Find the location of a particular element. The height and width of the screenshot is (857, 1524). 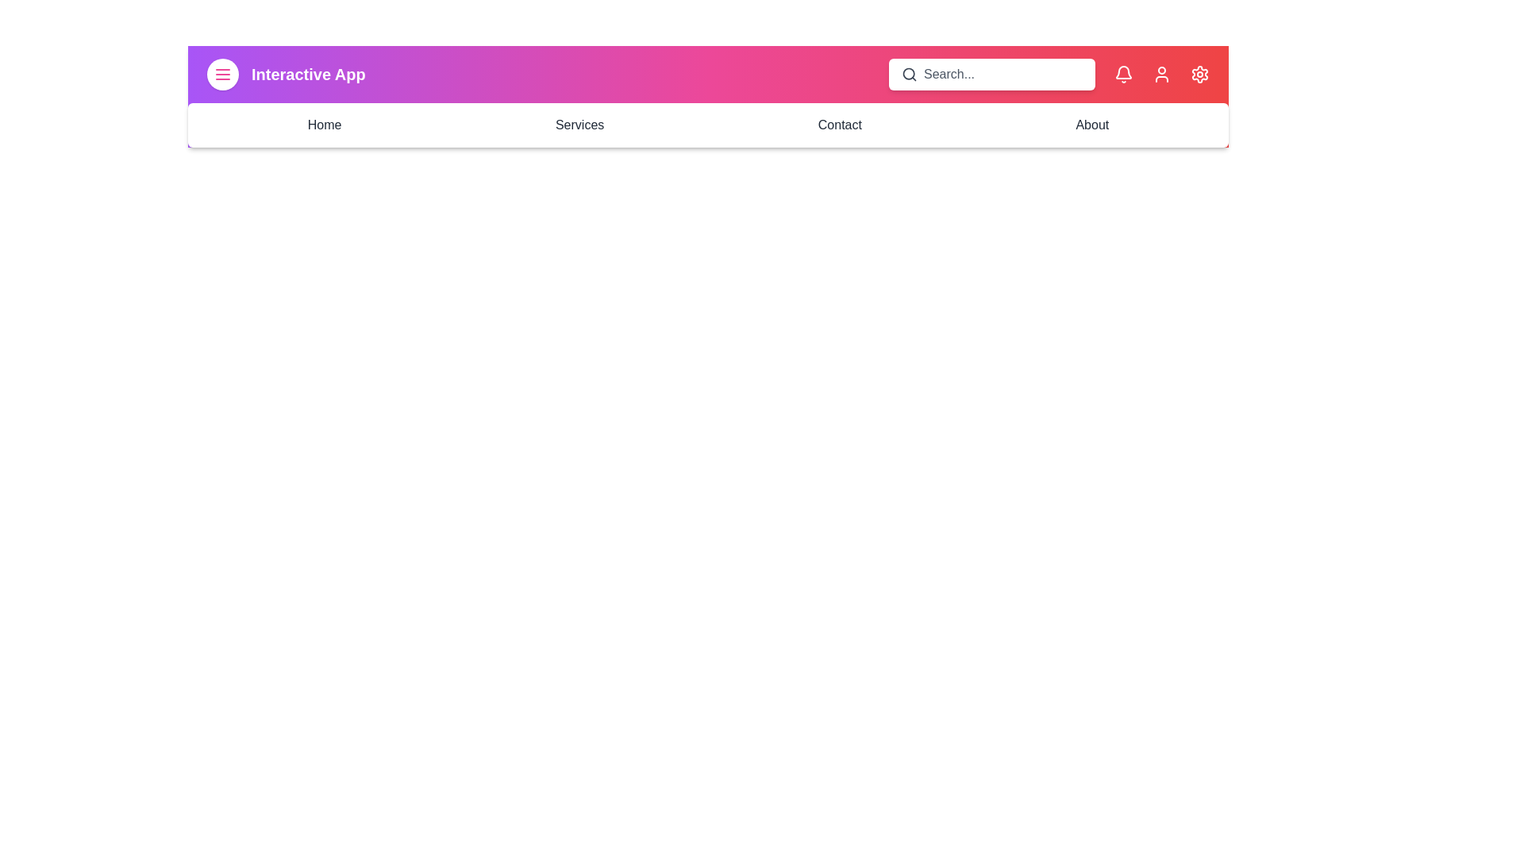

the navigation link Contact is located at coordinates (838, 125).